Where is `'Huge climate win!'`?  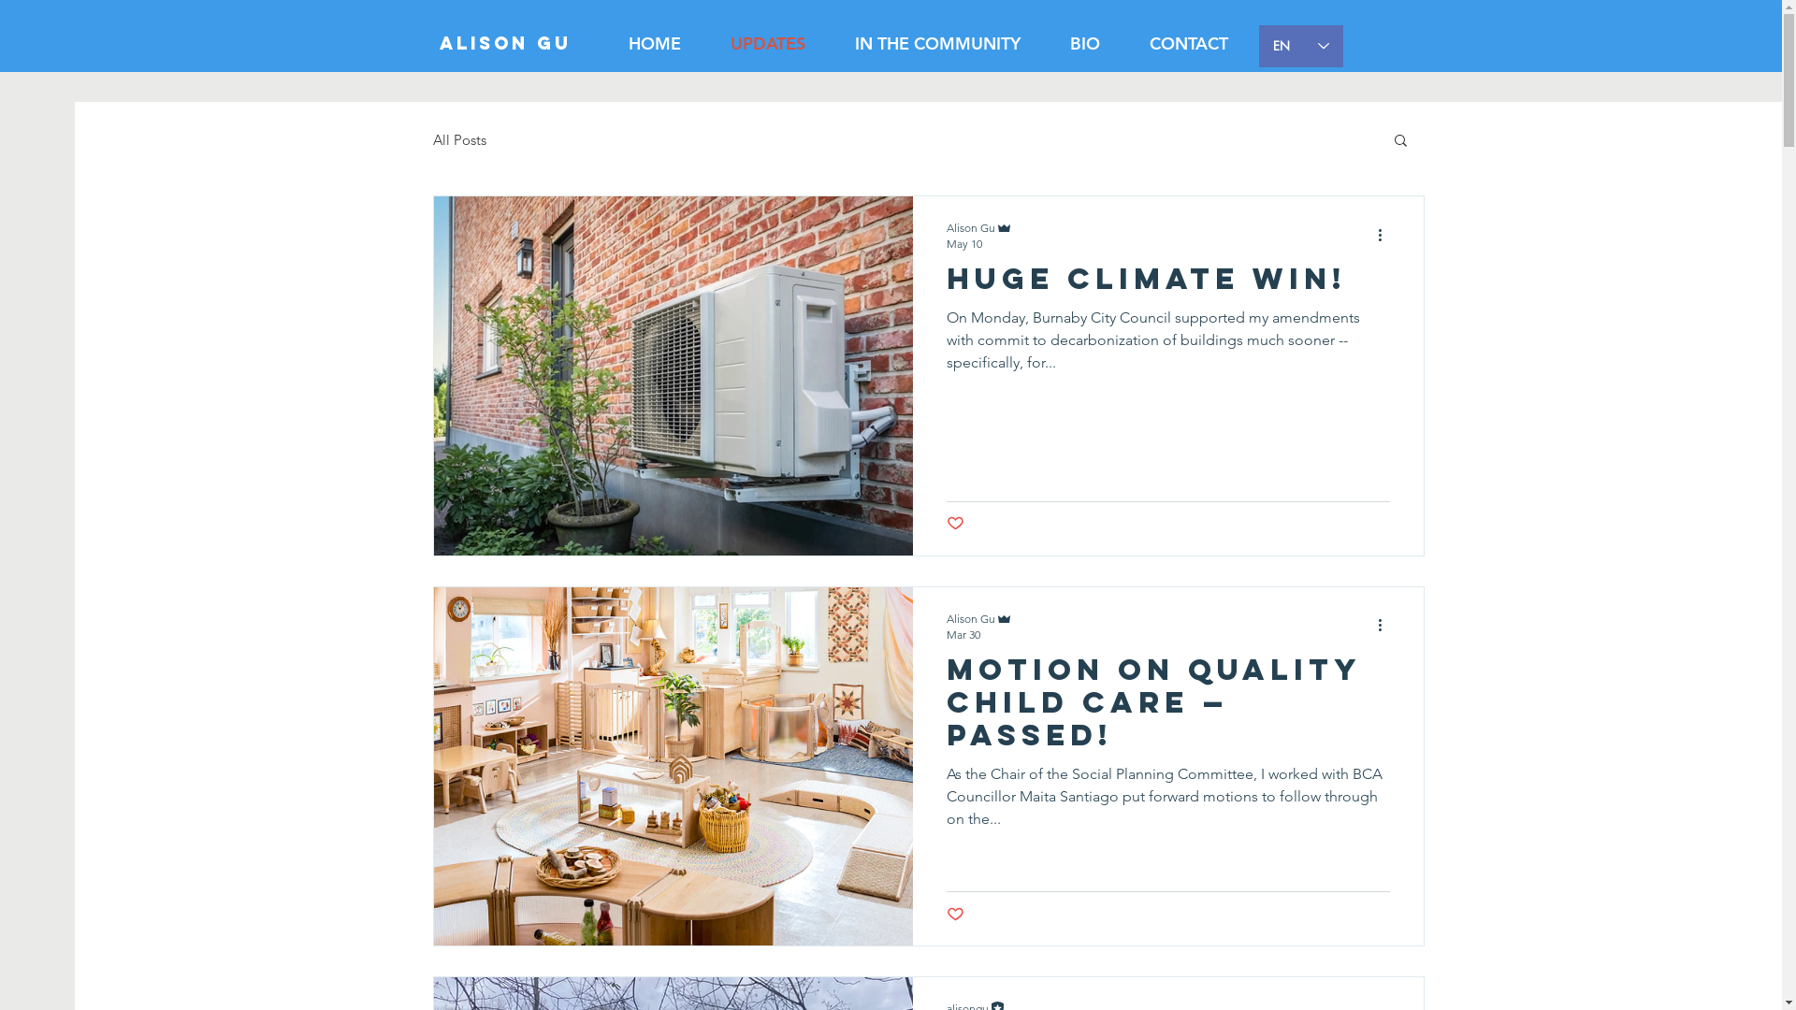
'Huge climate win!' is located at coordinates (1166, 284).